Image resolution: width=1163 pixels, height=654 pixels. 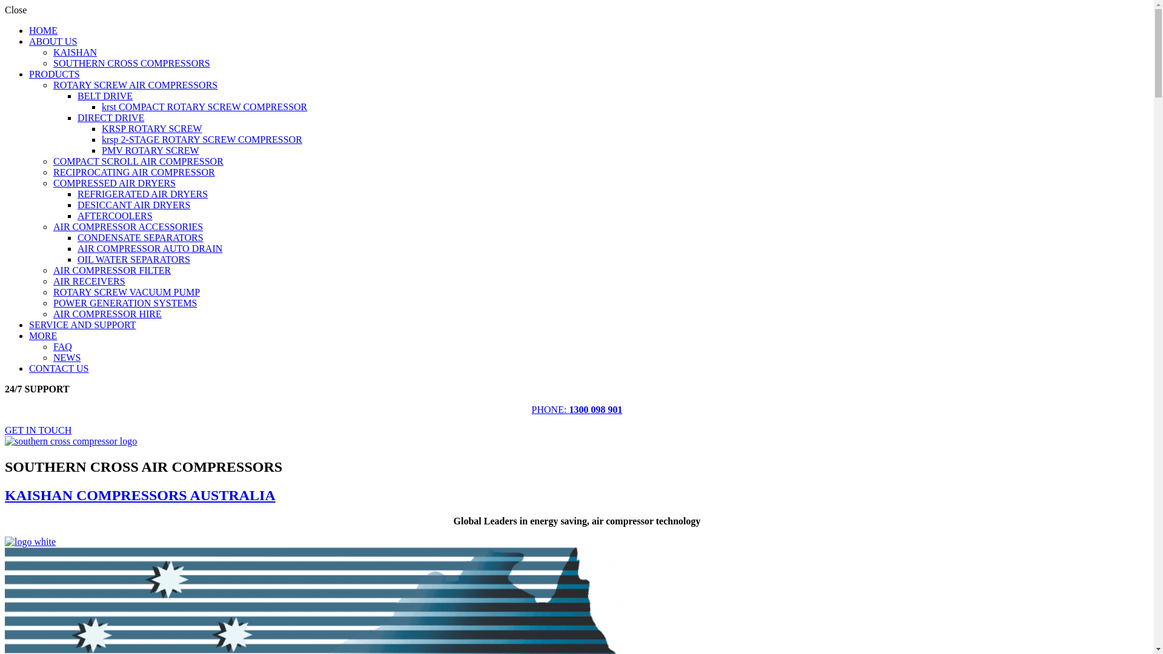 I want to click on 'CONDENSATE SEPARATORS', so click(x=140, y=237).